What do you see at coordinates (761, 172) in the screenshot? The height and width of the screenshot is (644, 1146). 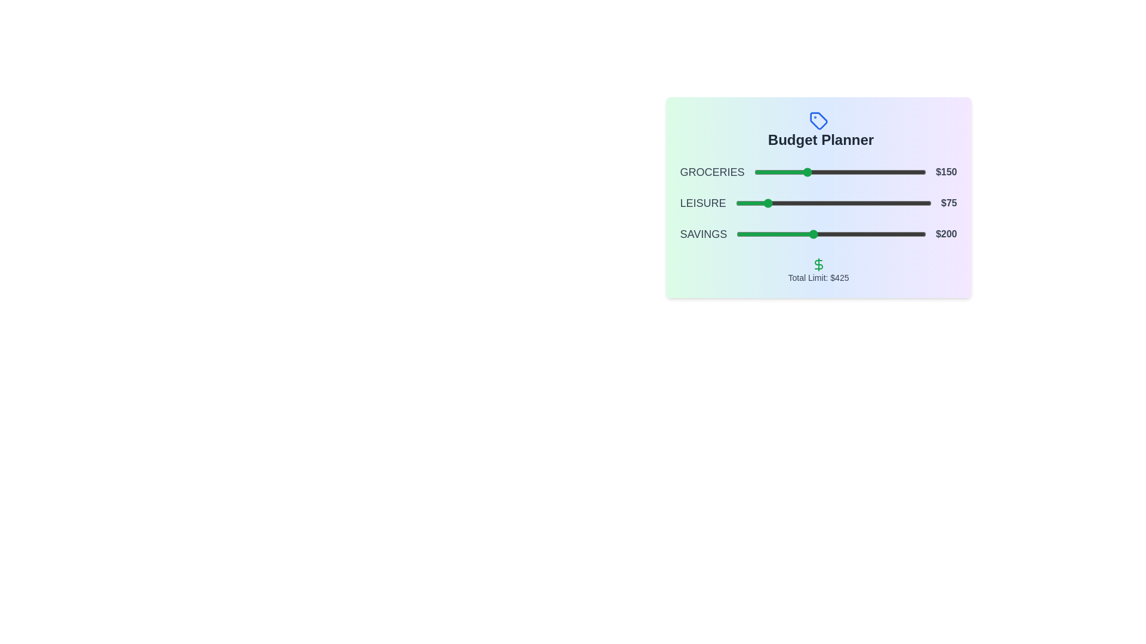 I see `the slider for 0 to 23` at bounding box center [761, 172].